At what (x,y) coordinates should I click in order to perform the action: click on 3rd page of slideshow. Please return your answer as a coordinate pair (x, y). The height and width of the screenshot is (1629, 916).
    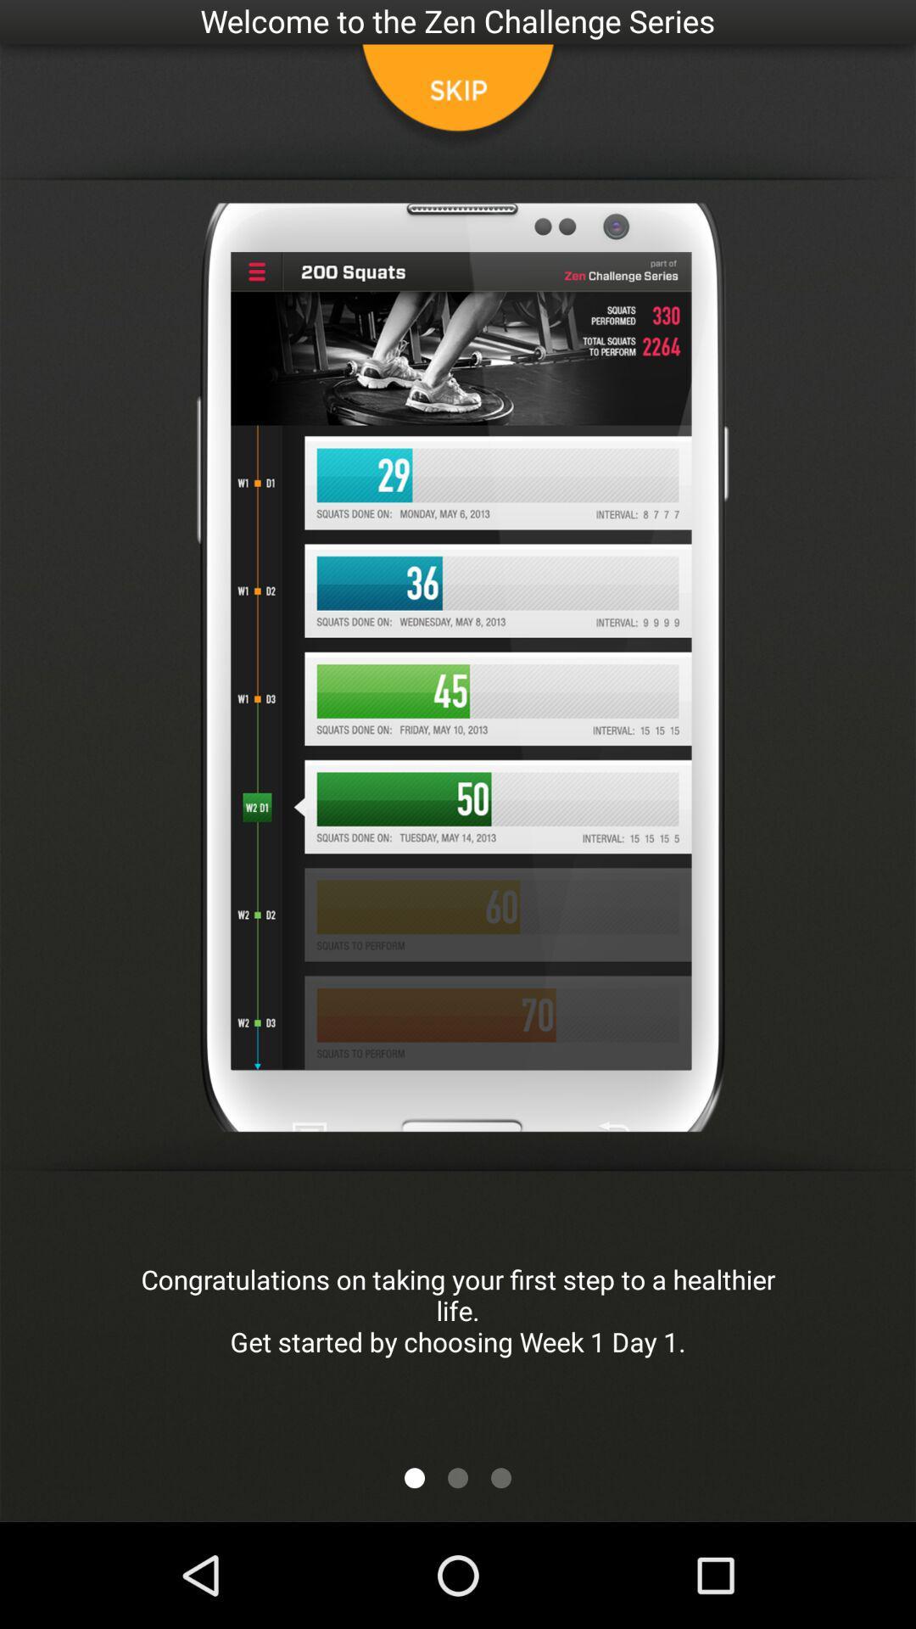
    Looking at the image, I should click on (500, 1477).